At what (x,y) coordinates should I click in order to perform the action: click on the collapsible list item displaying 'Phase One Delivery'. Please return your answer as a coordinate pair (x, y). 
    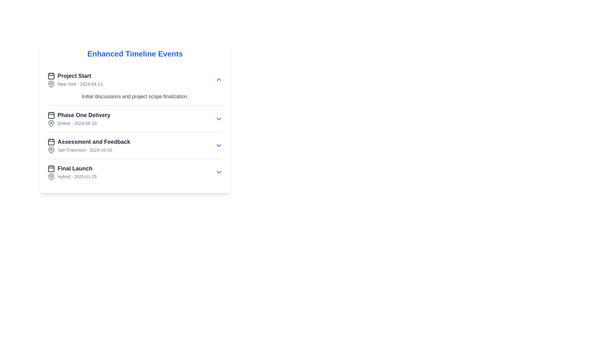
    Looking at the image, I should click on (135, 119).